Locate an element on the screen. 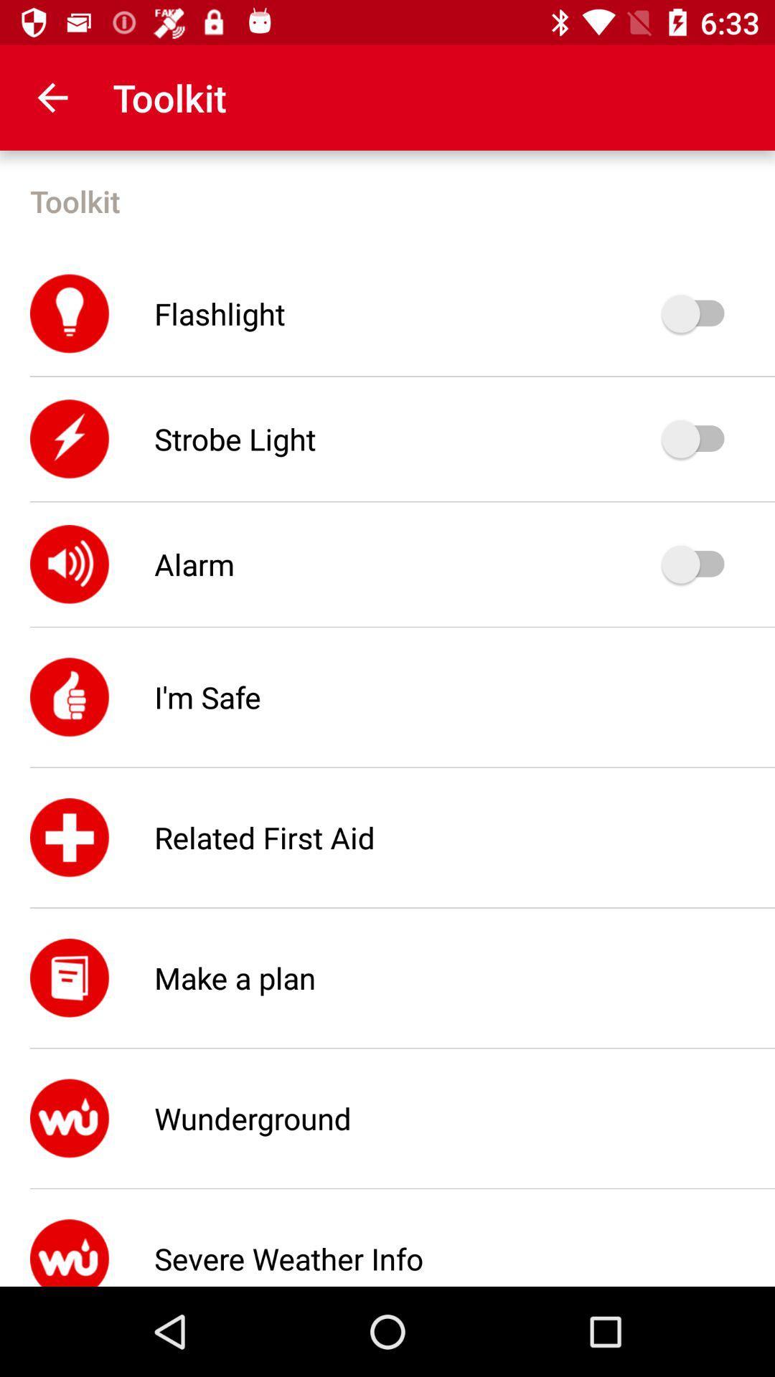  the item next to toolkit item is located at coordinates (52, 97).